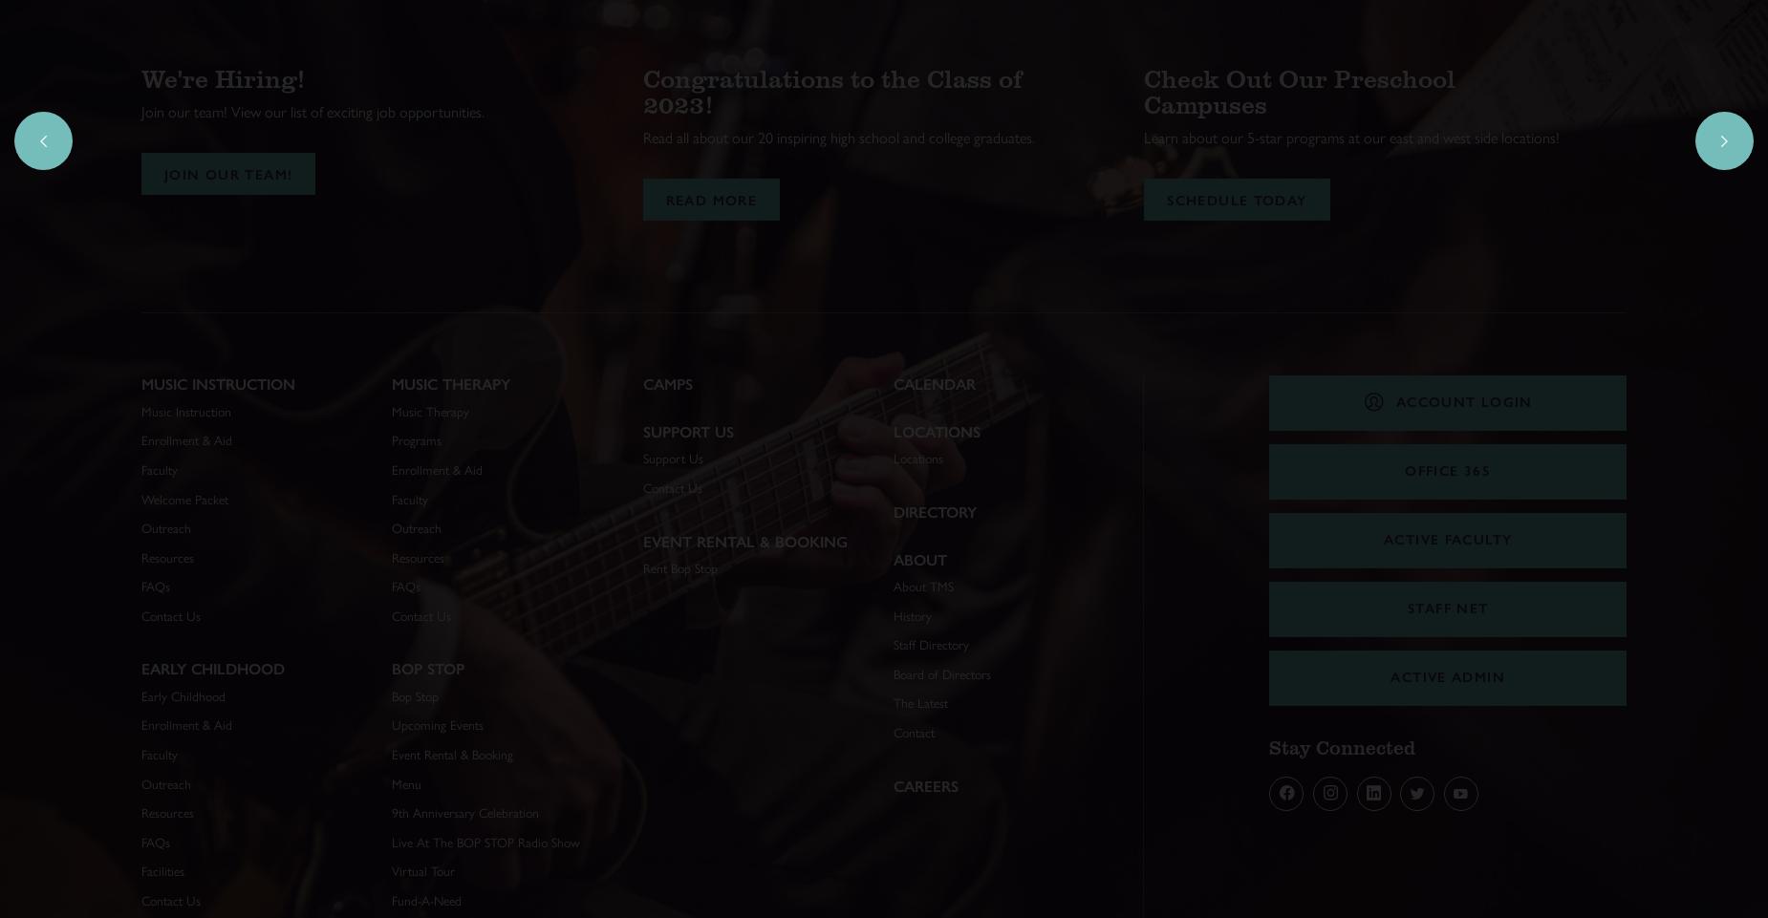 Image resolution: width=1768 pixels, height=918 pixels. Describe the element at coordinates (1142, 90) in the screenshot. I see `'Check Out Our Preschool Campuses'` at that location.